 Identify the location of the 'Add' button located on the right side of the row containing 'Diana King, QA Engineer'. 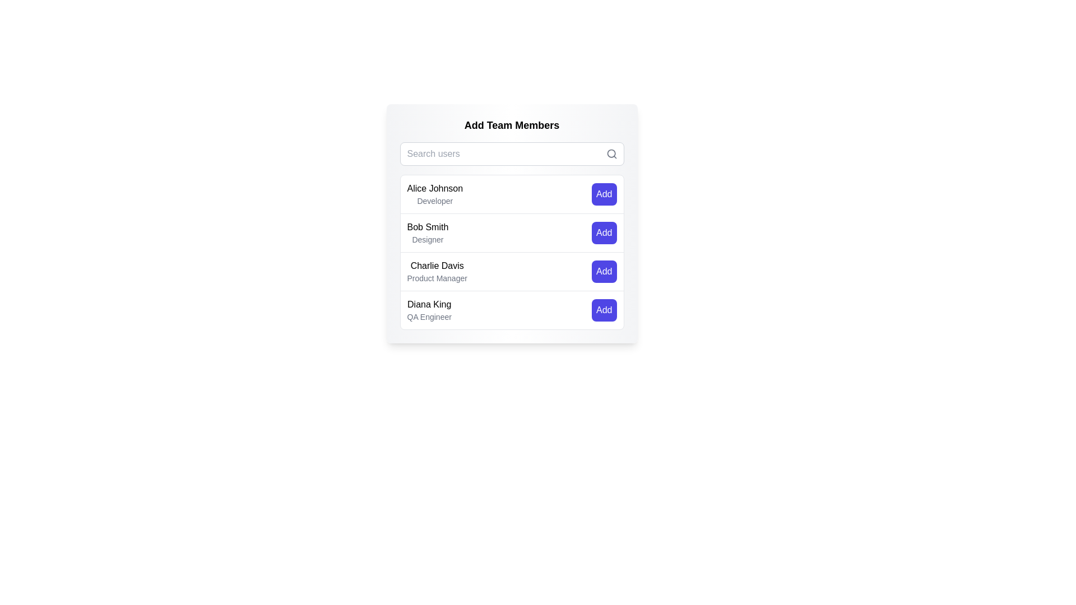
(604, 310).